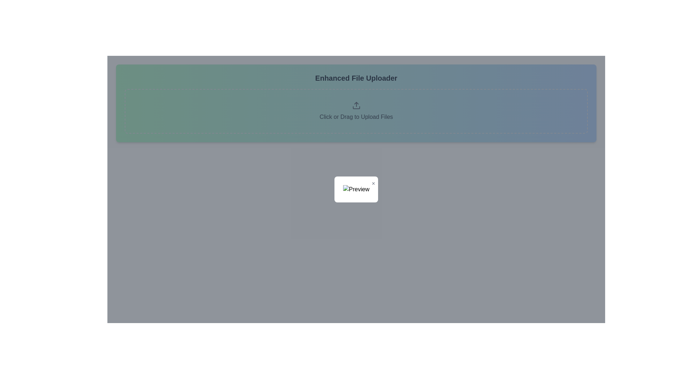 The height and width of the screenshot is (389, 692). Describe the element at coordinates (356, 108) in the screenshot. I see `the base of the upload icon, which is a vector graphic component within an SVG structure, representing a platform for uploading files` at that location.